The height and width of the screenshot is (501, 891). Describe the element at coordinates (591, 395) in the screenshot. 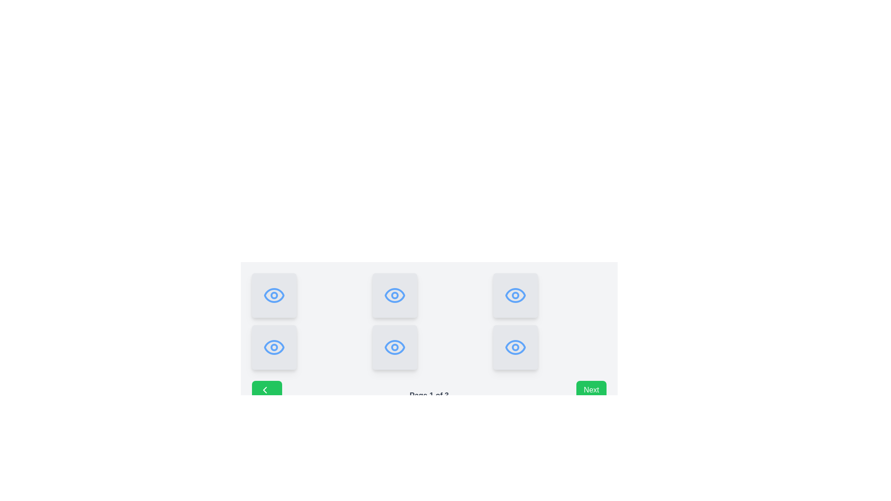

I see `the green 'Next' button with rounded corners that contains the text 'Next' and a right-pointing chevron icon to observe any hover effects` at that location.